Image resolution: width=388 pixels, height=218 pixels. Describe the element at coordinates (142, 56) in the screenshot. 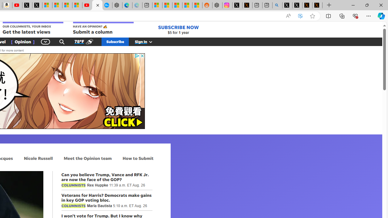

I see `'AutomationID: close_button_svg'` at that location.